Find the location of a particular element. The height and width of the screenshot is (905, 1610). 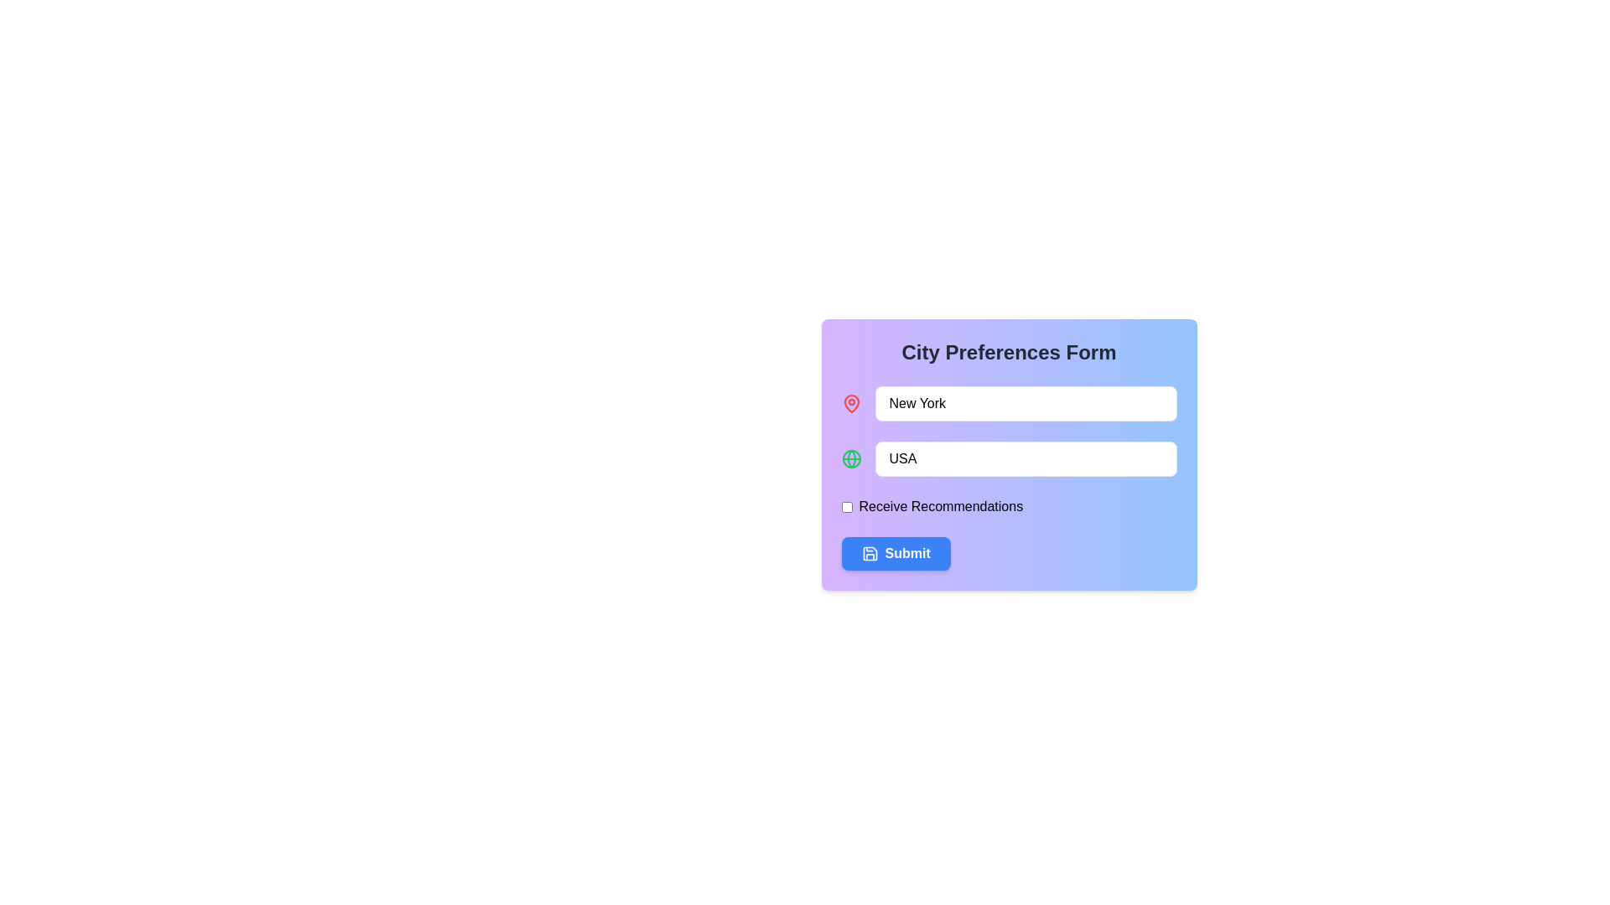

the pin icon located in the 'City Preferences Form' interface, which signifies the adjacent input box related to a location or city name, specifically positioned to the left of the 'New York' text input box is located at coordinates (851, 404).